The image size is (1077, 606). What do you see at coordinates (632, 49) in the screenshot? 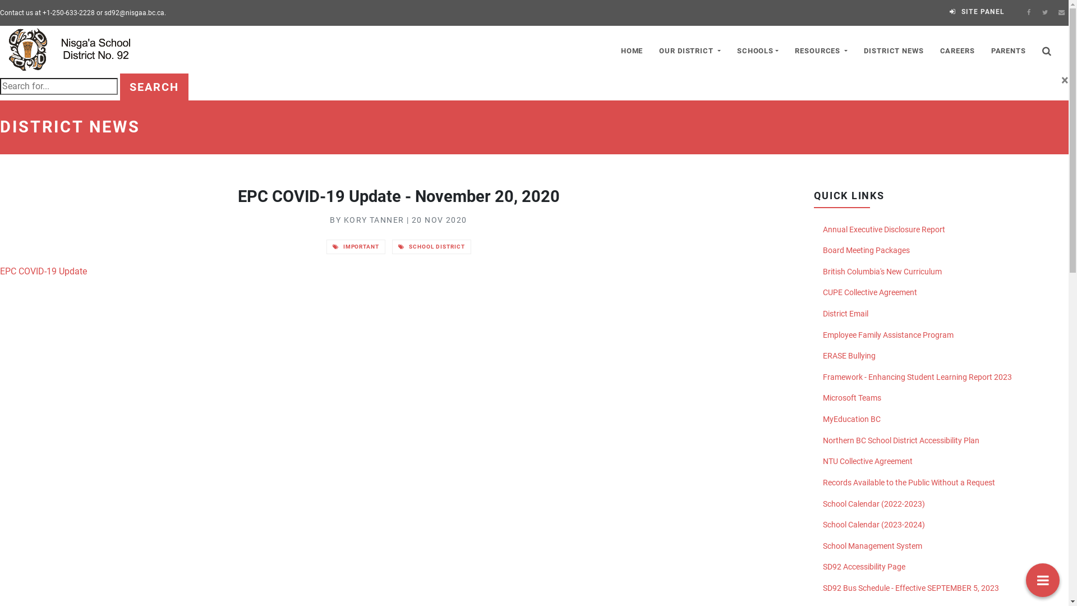
I see `'HOME'` at bounding box center [632, 49].